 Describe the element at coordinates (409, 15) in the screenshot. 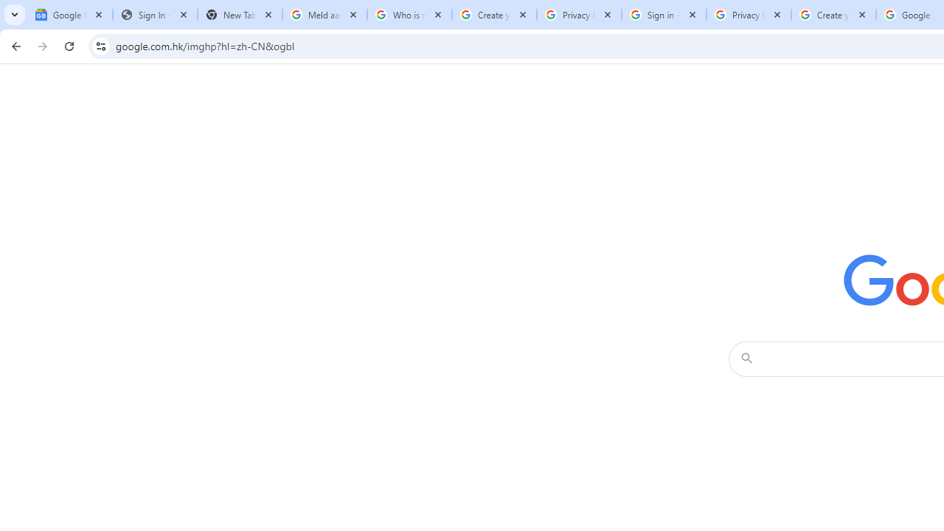

I see `'Who is my administrator? - Google Account Help'` at that location.